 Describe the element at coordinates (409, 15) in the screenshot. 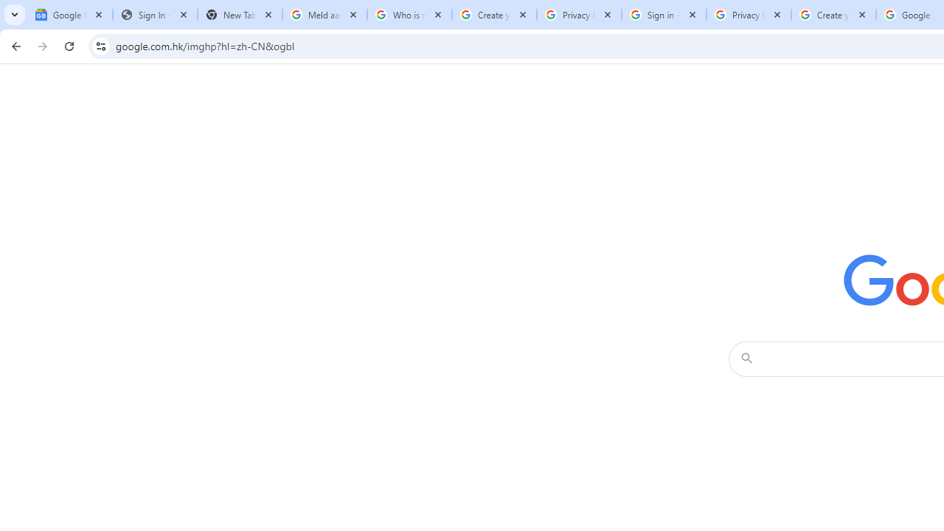

I see `'Who is my administrator? - Google Account Help'` at that location.